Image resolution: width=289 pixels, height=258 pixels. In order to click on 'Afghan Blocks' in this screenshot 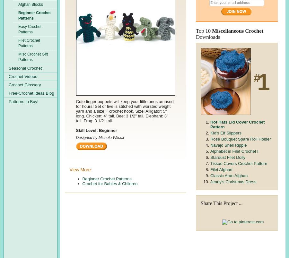, I will do `click(30, 4)`.